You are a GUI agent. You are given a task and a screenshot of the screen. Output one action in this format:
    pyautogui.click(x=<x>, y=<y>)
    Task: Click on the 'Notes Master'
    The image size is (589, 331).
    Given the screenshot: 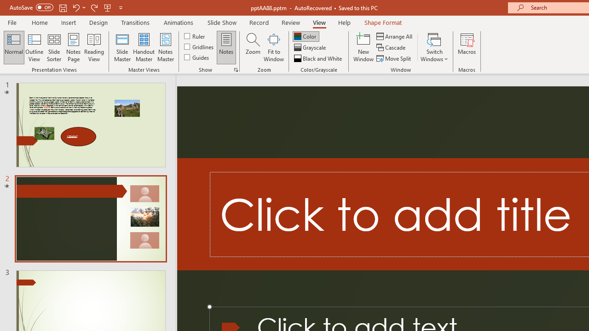 What is the action you would take?
    pyautogui.click(x=166, y=47)
    